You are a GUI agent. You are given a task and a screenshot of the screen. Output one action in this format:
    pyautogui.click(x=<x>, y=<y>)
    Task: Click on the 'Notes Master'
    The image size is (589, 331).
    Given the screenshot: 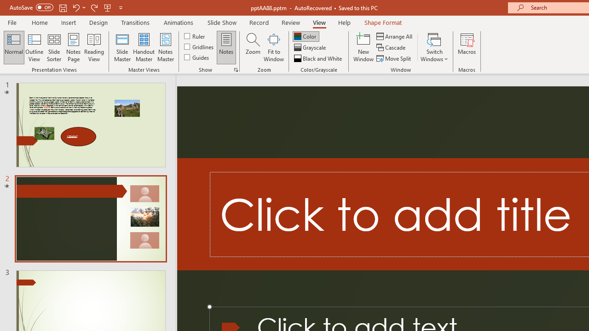 What is the action you would take?
    pyautogui.click(x=166, y=47)
    